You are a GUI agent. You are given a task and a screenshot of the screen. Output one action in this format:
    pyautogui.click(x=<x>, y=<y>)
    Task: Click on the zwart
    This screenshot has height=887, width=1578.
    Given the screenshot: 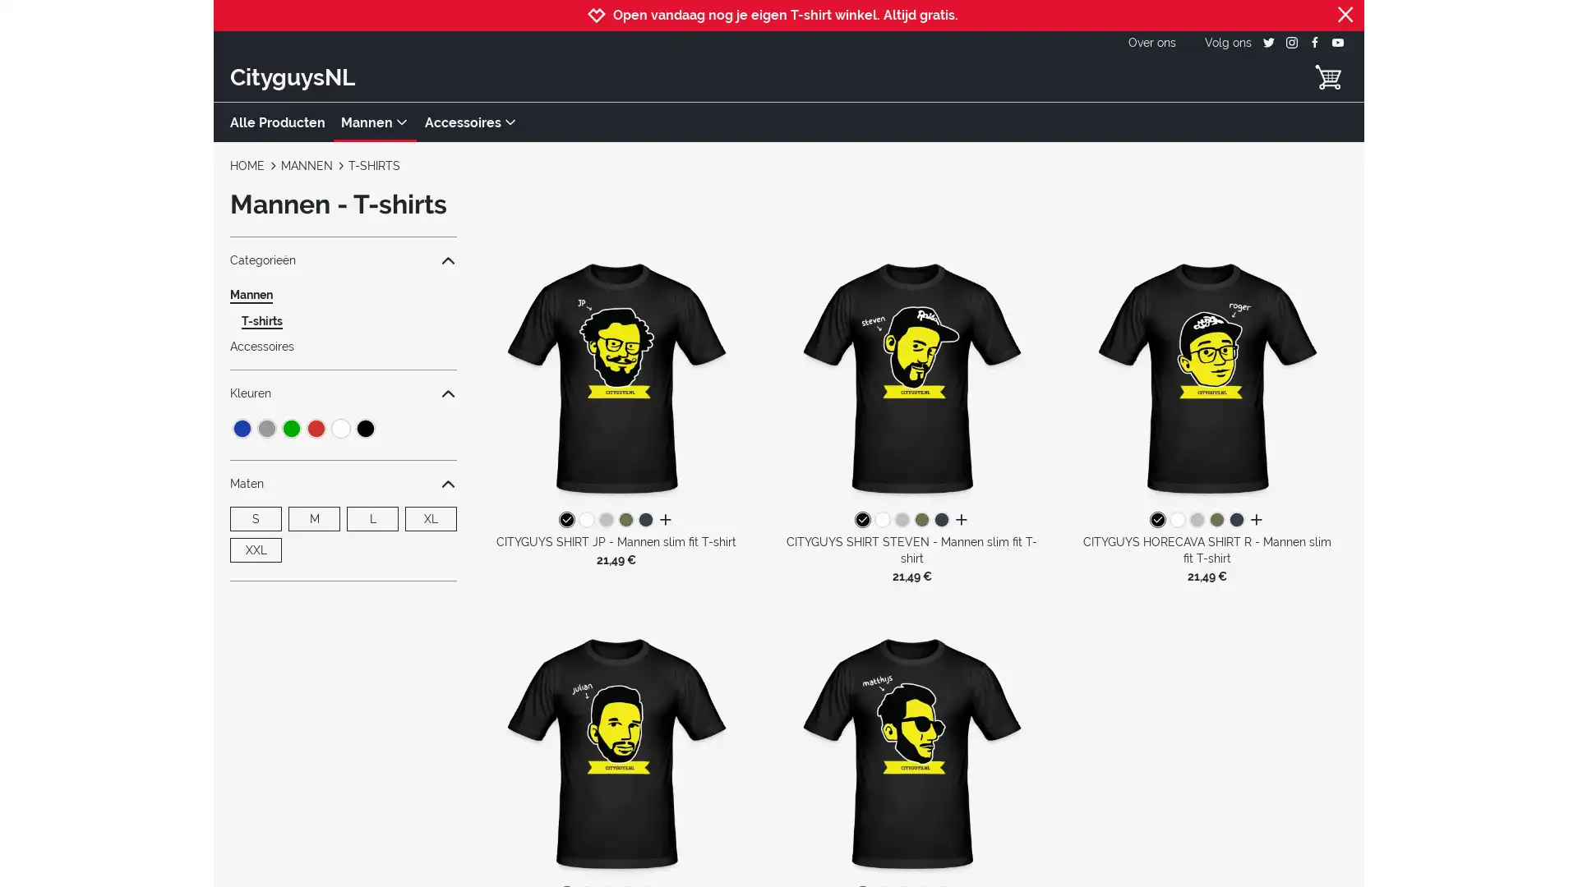 What is the action you would take?
    pyautogui.click(x=566, y=520)
    